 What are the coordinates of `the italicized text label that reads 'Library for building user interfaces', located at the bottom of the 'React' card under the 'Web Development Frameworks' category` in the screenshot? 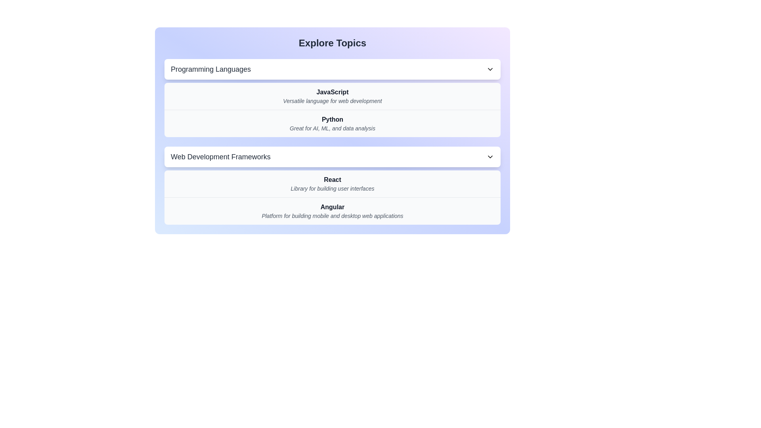 It's located at (333, 188).